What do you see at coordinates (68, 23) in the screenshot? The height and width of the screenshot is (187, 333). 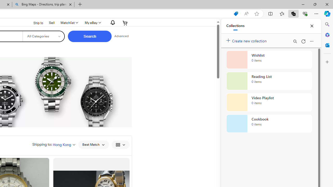 I see `'Watchlist'` at bounding box center [68, 23].